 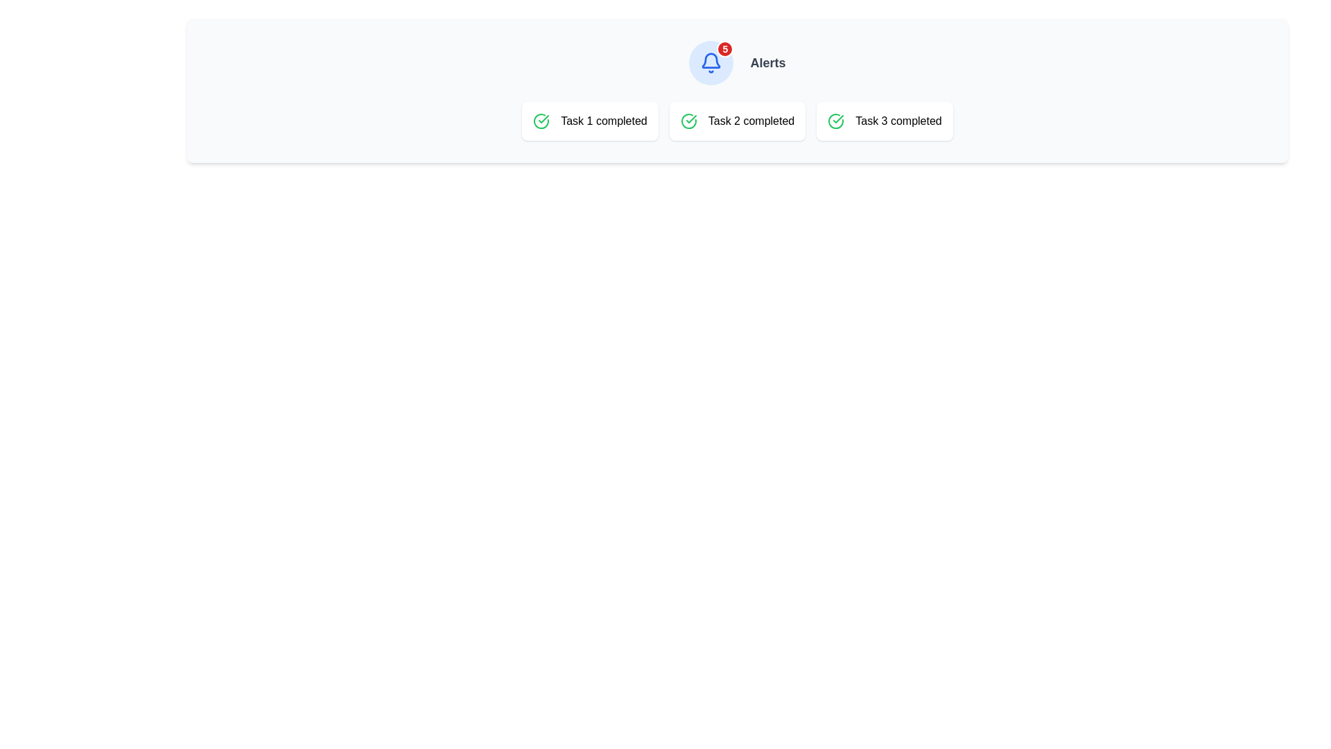 I want to click on the informational card indicating the status of the first task as completed, located at the middle-top section of the page, so click(x=590, y=120).